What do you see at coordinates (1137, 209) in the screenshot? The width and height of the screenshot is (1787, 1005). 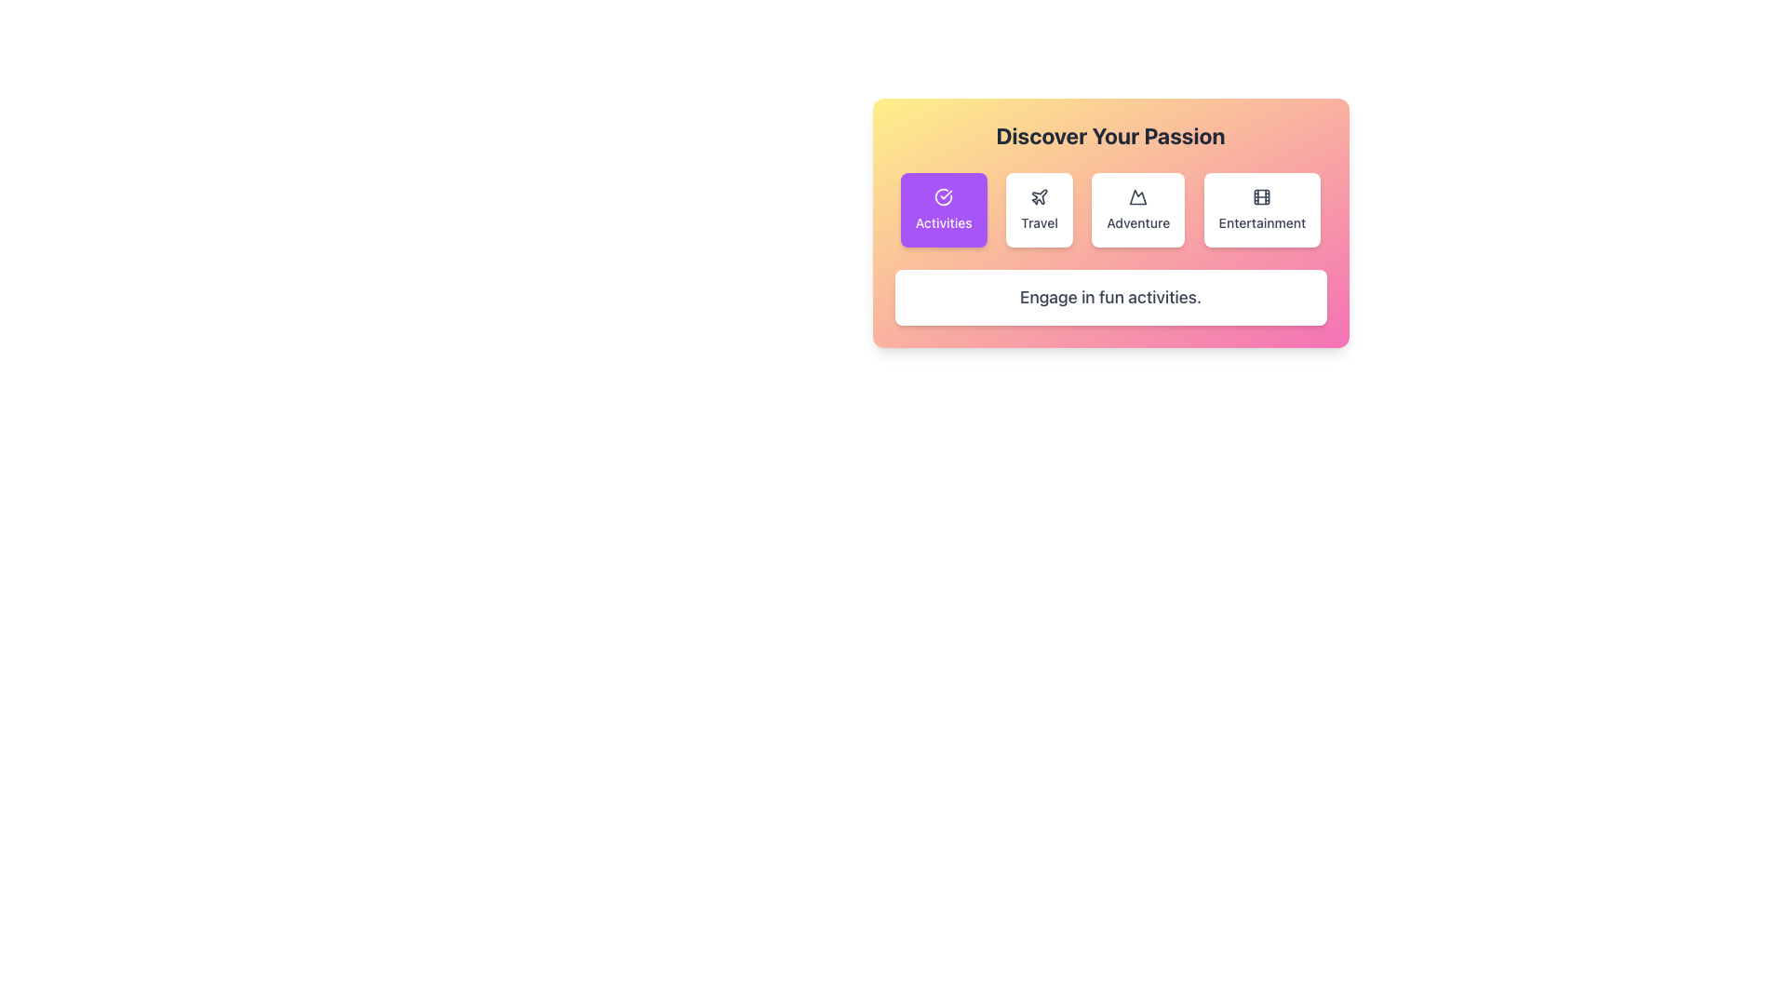 I see `the 'Adventure' button, which is a rounded rectangular button with a white background and a mountain icon above the text` at bounding box center [1137, 209].